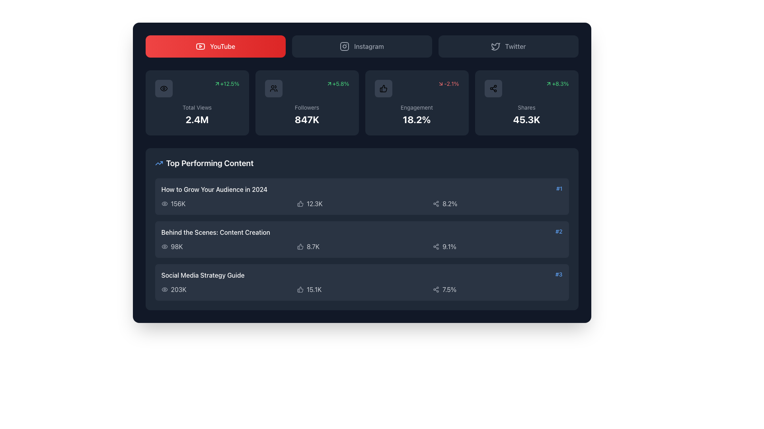 This screenshot has width=764, height=429. What do you see at coordinates (557, 84) in the screenshot?
I see `value of the text '+8.3%' which is accompanied by a green upward arrow icon located in the top-right corner of the 'Shares' stat card` at bounding box center [557, 84].